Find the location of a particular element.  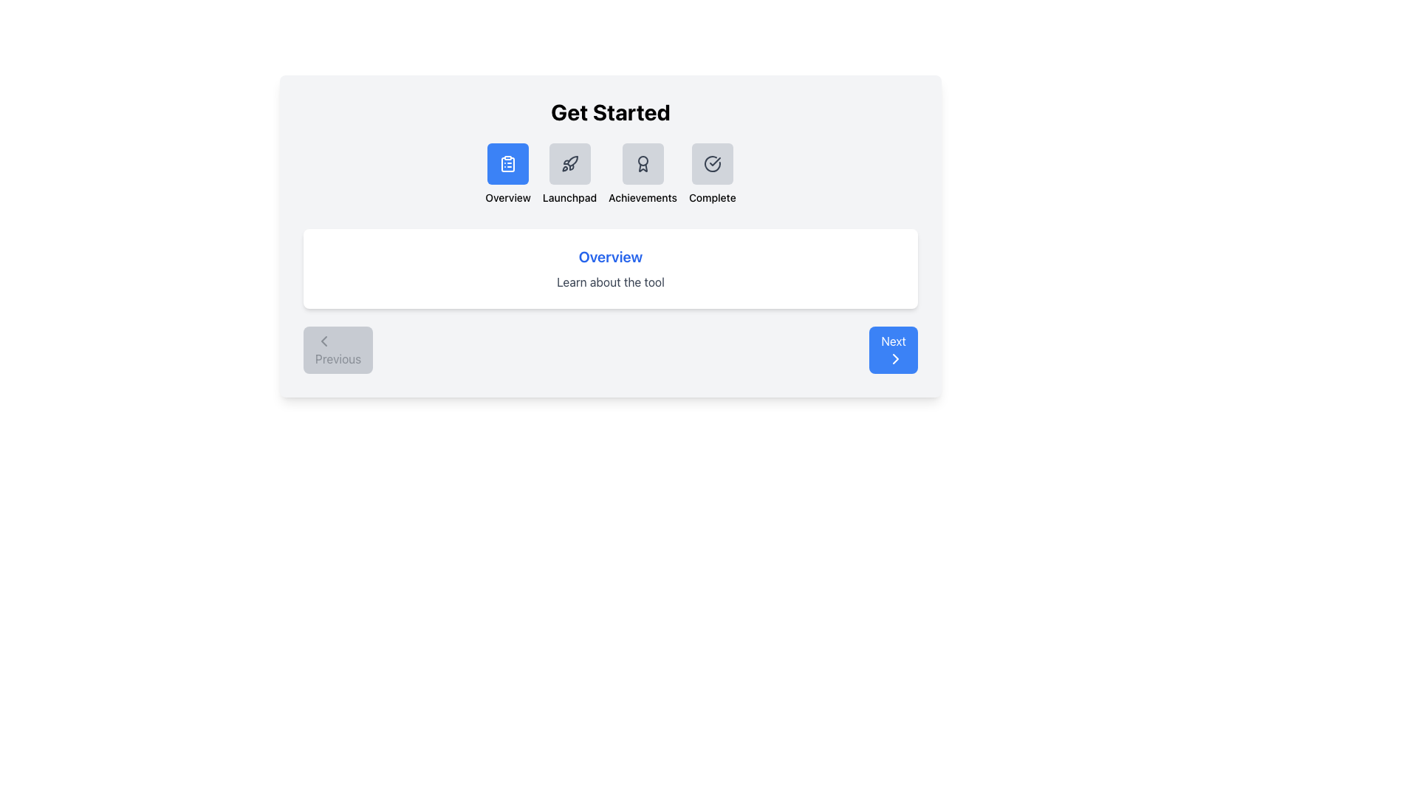

the chevron icon within the 'Next' button is located at coordinates (895, 359).